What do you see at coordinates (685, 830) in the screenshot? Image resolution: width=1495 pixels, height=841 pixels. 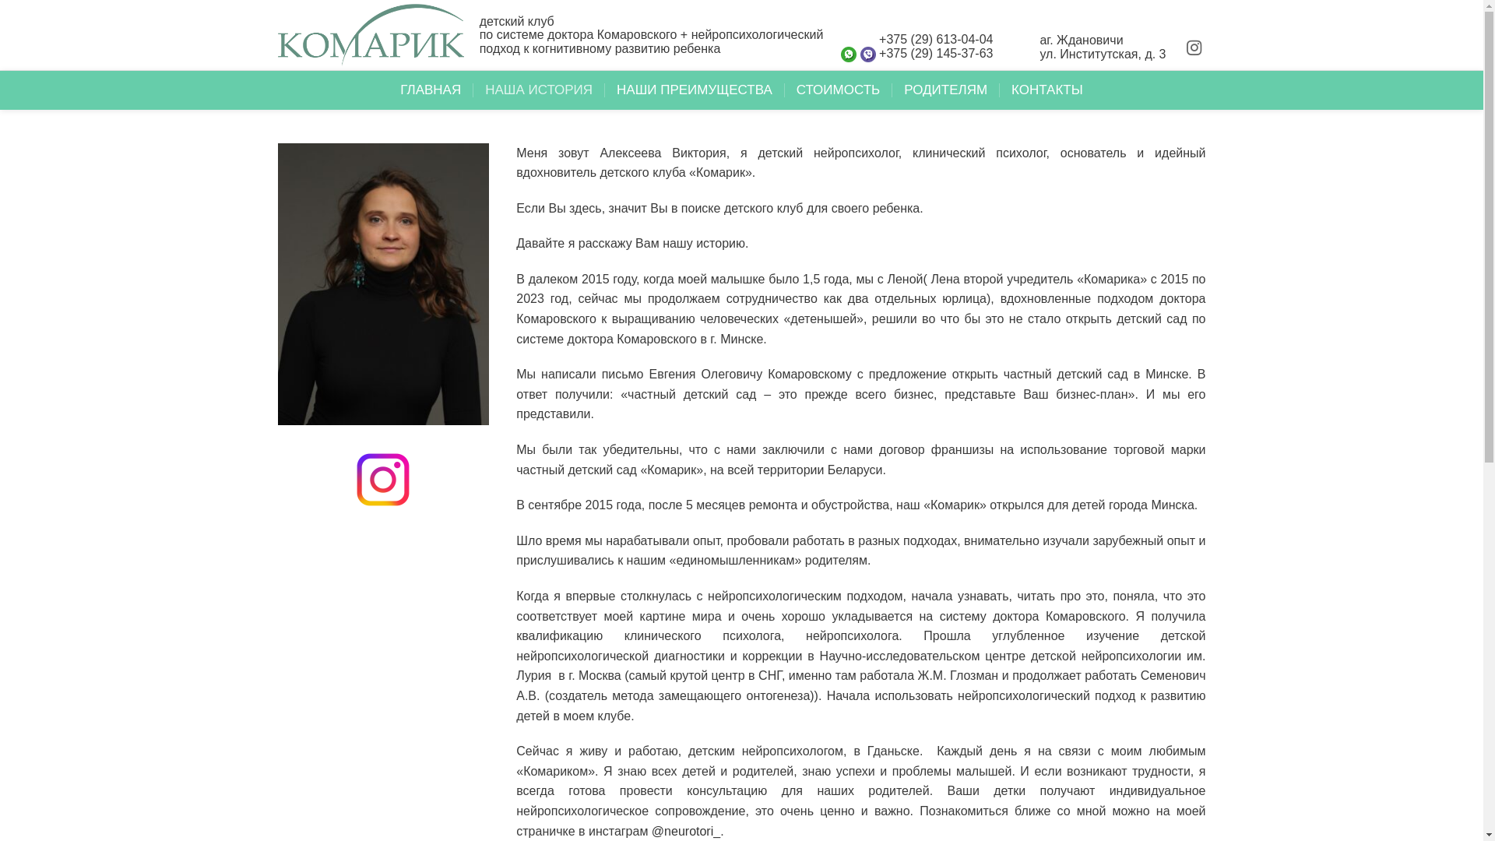 I see `'@neurotori_'` at bounding box center [685, 830].